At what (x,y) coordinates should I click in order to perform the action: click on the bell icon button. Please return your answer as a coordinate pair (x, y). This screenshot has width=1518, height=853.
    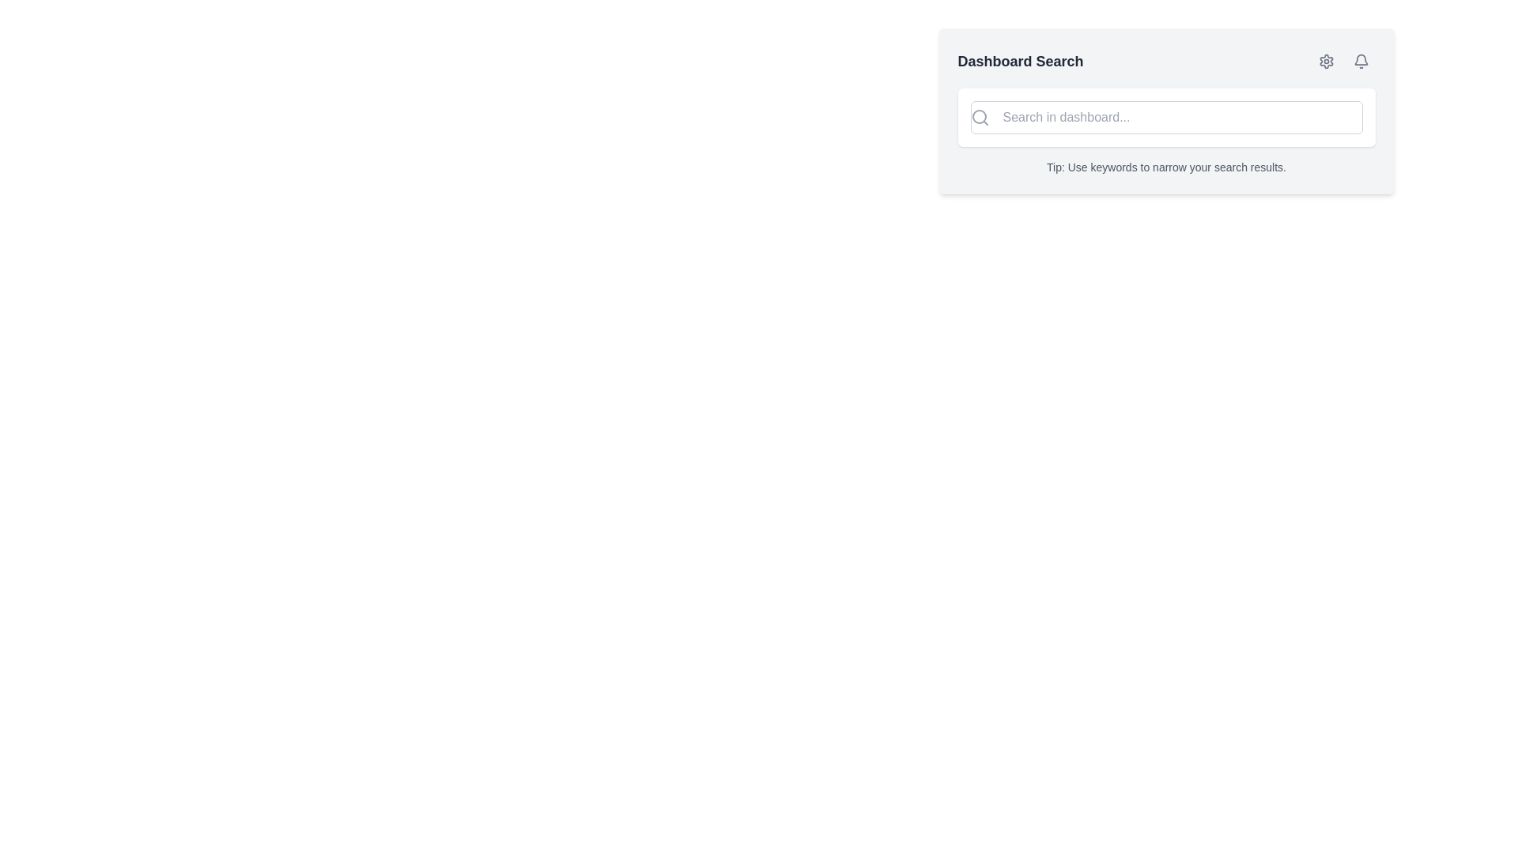
    Looking at the image, I should click on (1360, 60).